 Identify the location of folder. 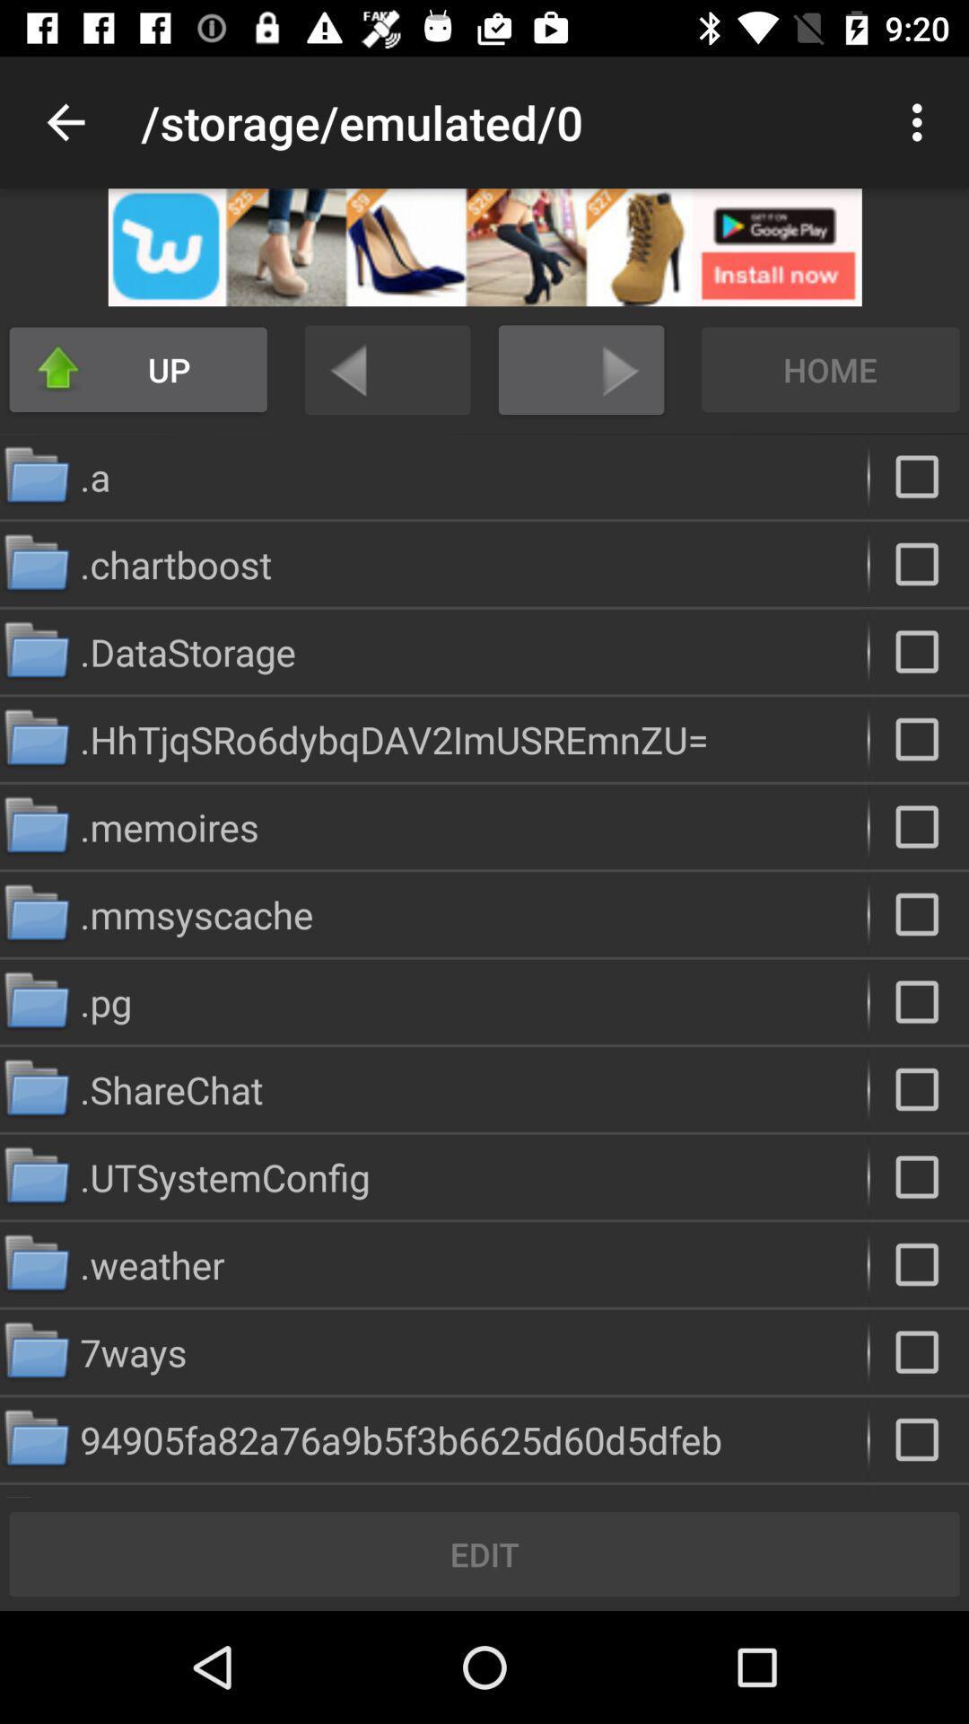
(919, 739).